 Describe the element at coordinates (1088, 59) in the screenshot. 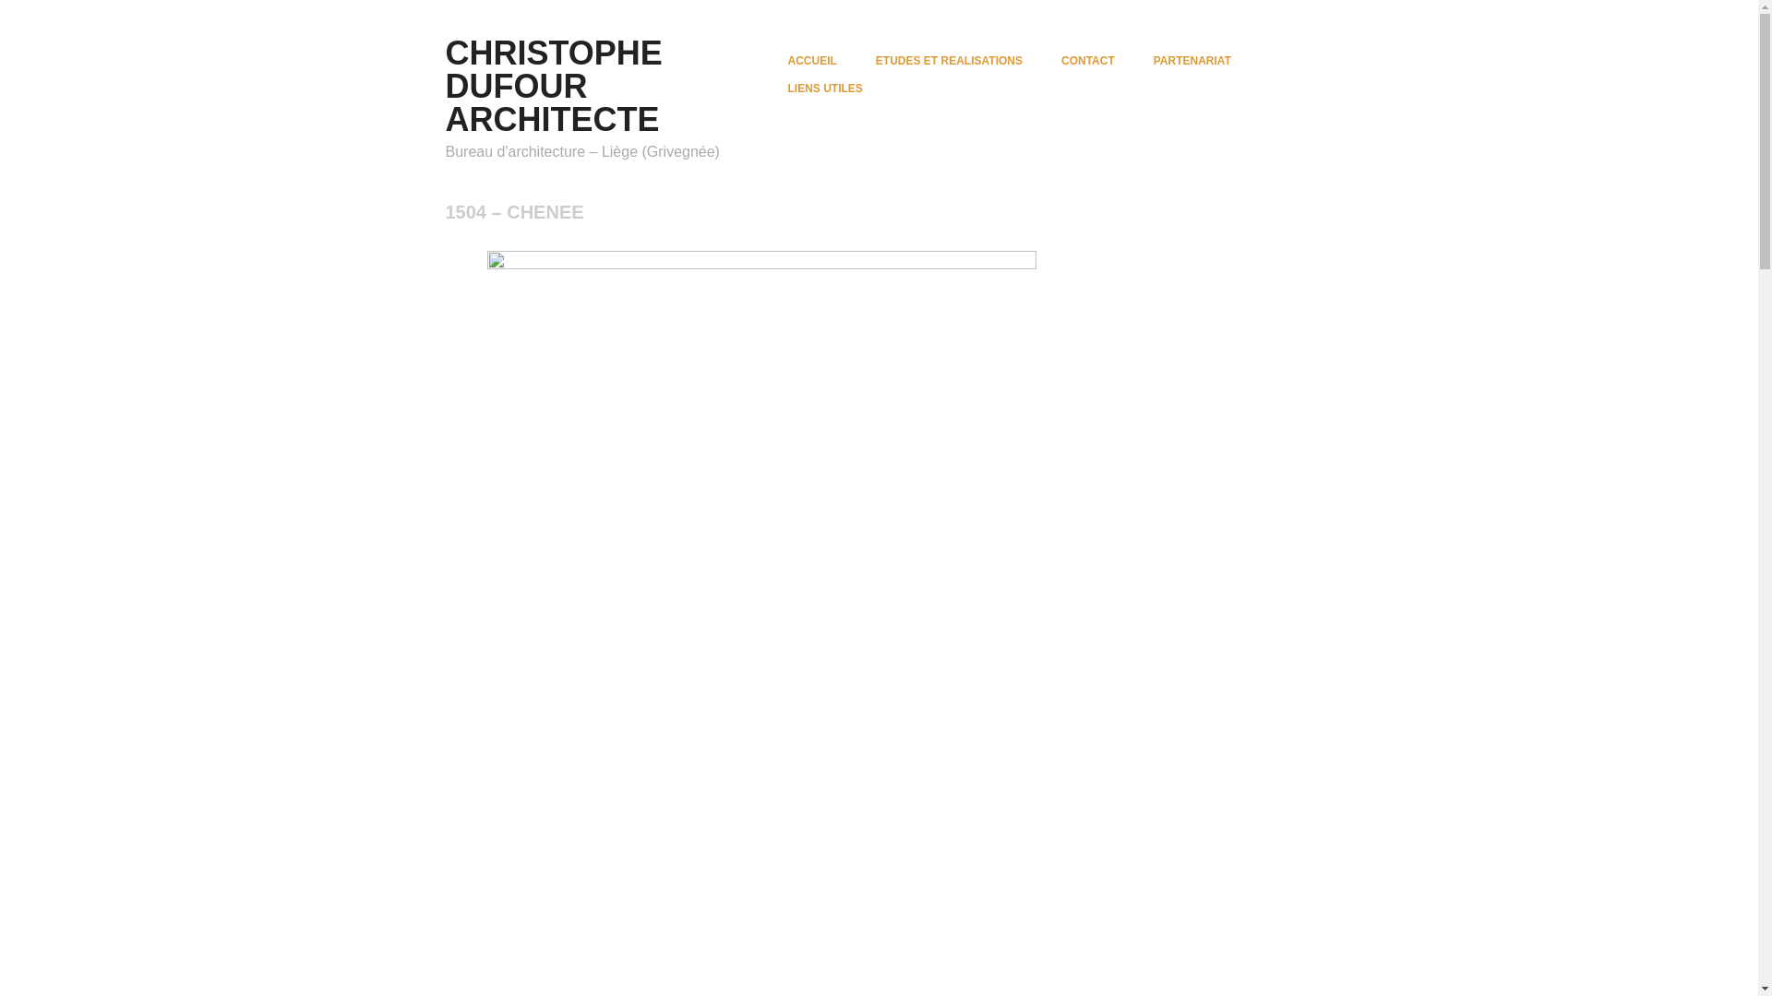

I see `'CONTACT'` at that location.